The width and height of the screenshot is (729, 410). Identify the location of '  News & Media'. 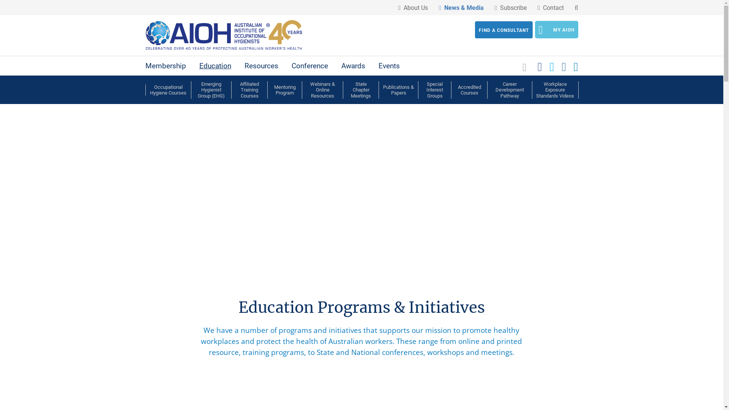
(461, 8).